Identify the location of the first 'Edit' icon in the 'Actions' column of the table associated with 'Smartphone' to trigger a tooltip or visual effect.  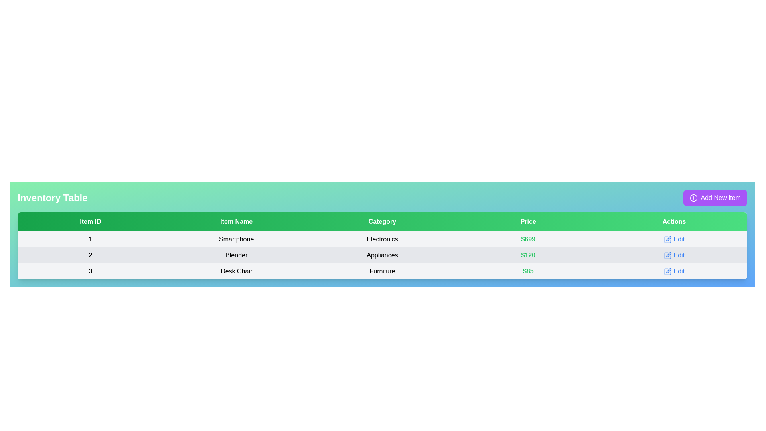
(668, 239).